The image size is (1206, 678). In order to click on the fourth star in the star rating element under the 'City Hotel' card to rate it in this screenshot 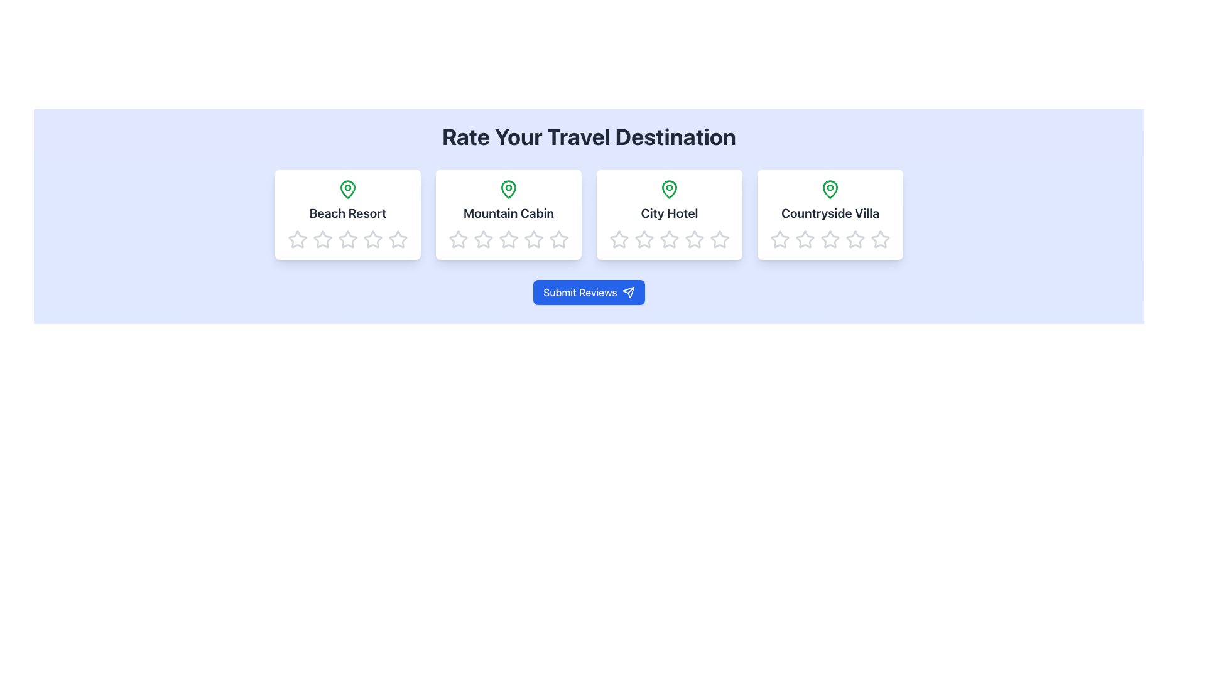, I will do `click(720, 239)`.